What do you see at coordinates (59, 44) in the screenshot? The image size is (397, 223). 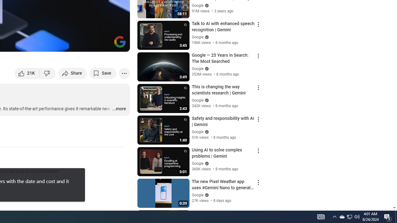 I see `'Subtitles/closed captions unavailable'` at bounding box center [59, 44].